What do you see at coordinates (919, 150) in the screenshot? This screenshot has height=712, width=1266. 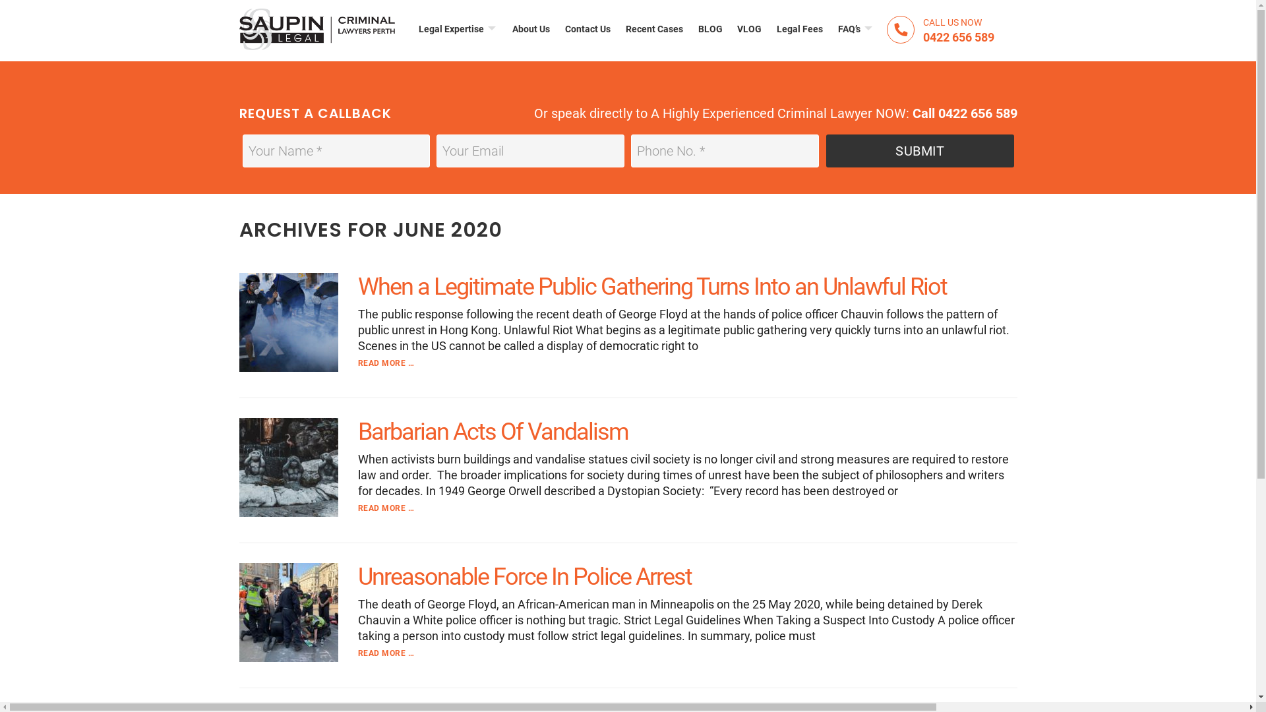 I see `'Submit'` at bounding box center [919, 150].